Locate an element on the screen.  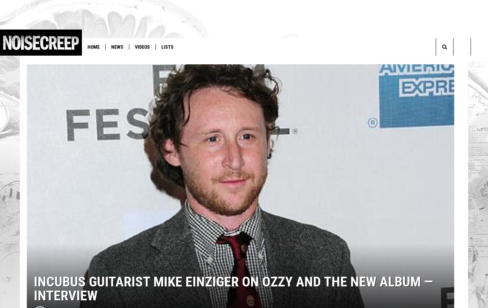
'Megadeth' is located at coordinates (142, 60).